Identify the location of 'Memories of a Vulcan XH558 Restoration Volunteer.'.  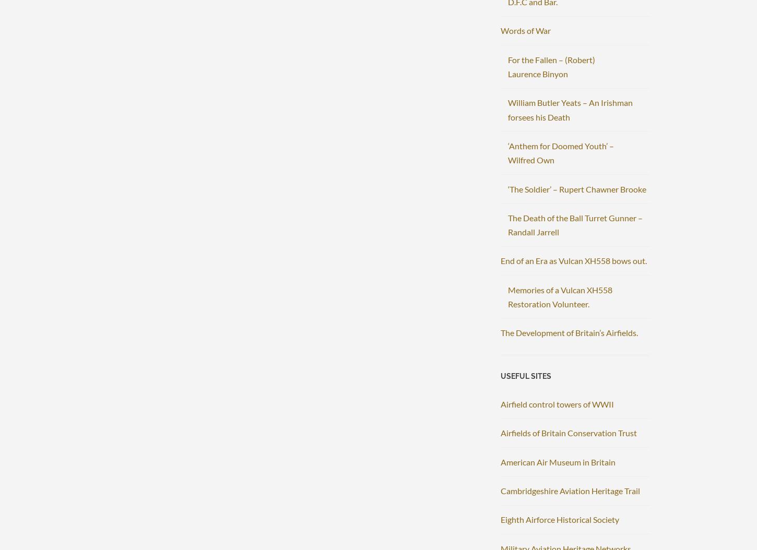
(559, 296).